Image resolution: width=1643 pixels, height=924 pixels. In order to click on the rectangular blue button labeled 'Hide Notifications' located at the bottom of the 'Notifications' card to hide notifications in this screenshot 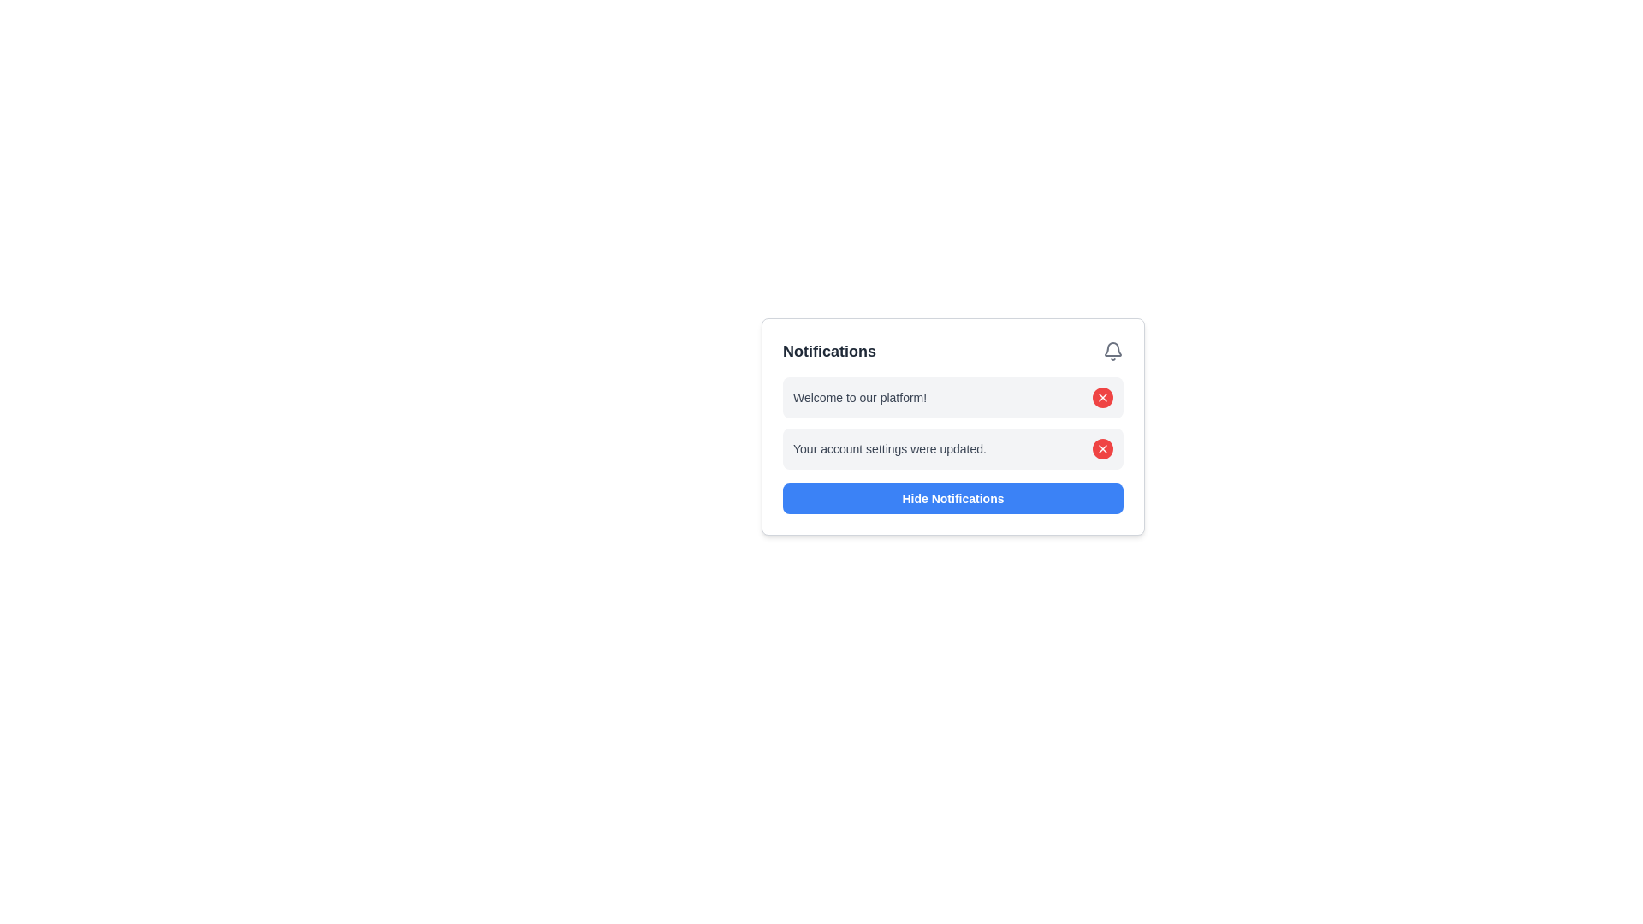, I will do `click(952, 498)`.